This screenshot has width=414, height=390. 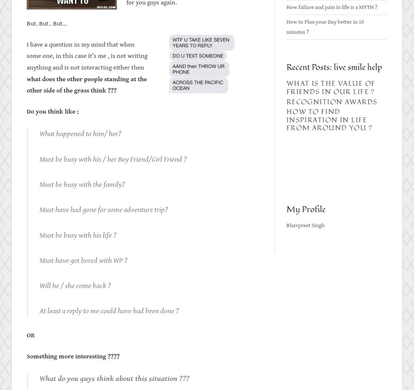 What do you see at coordinates (331, 101) in the screenshot?
I see `'Recognition Awards'` at bounding box center [331, 101].